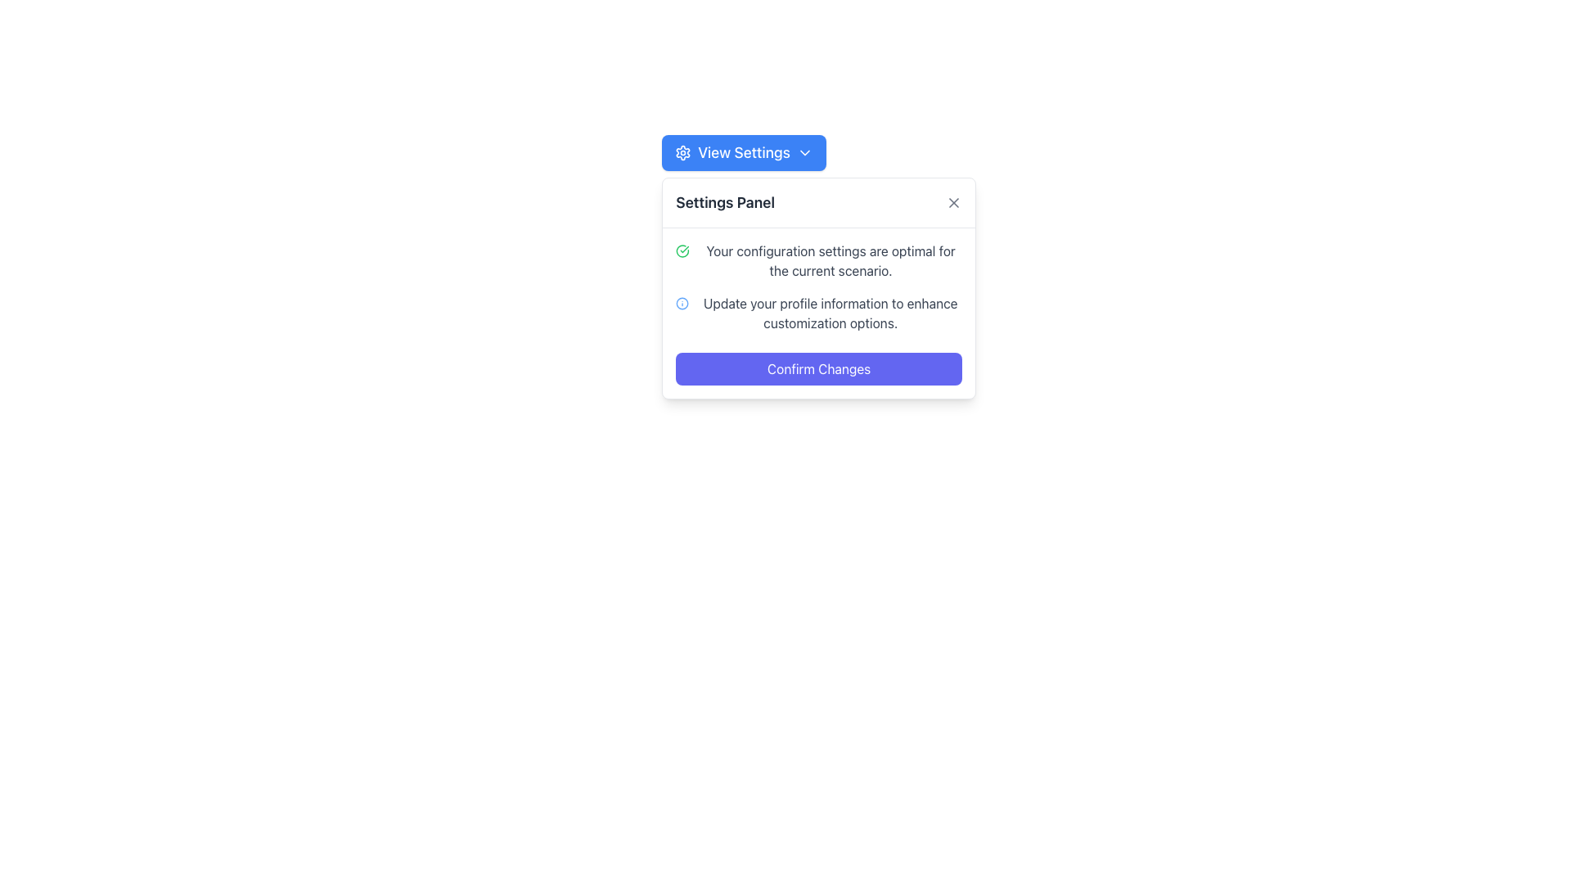 The height and width of the screenshot is (884, 1571). What do you see at coordinates (804, 152) in the screenshot?
I see `the icon located to the right of the 'View Settings' text` at bounding box center [804, 152].